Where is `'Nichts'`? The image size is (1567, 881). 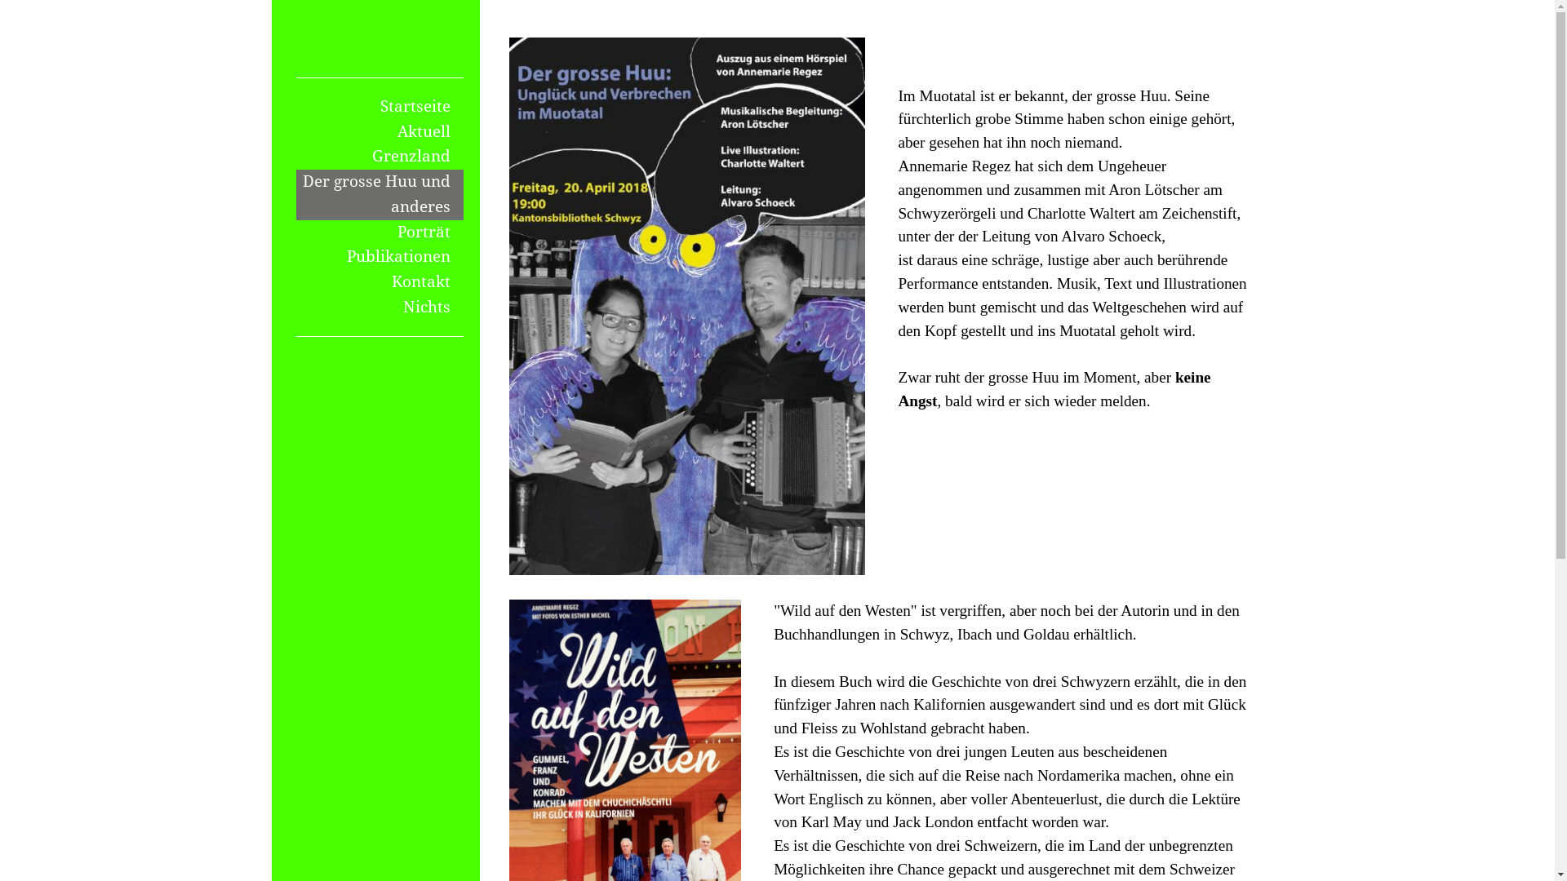
'Nichts' is located at coordinates (295, 308).